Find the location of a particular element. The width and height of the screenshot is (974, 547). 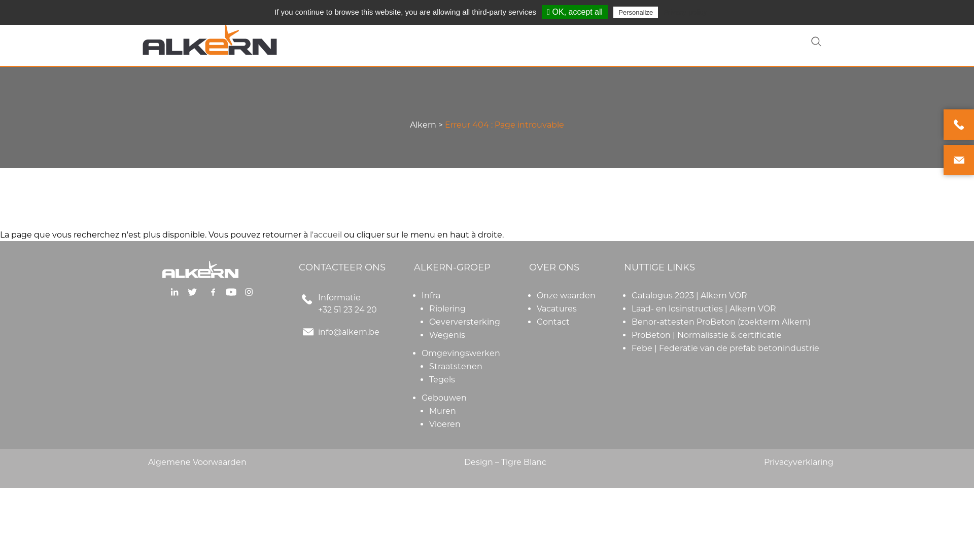

'Laad- en losinstructies | Alkern VOR' is located at coordinates (703, 308).